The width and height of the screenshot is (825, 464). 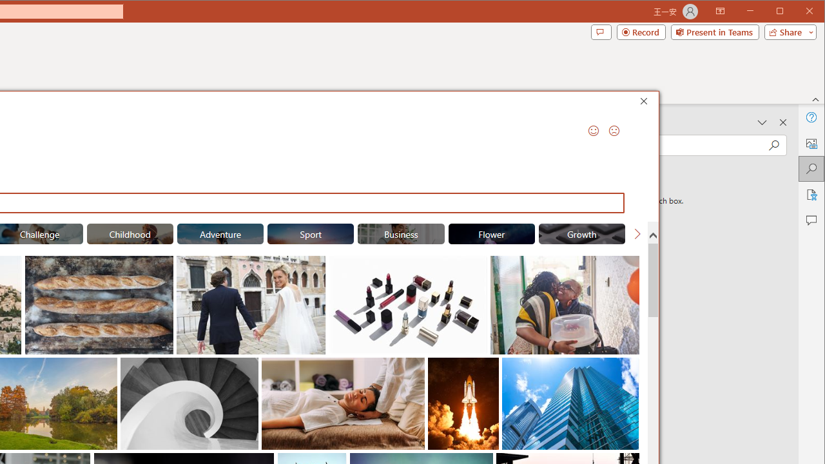 I want to click on '"Sport" Stock Images.', so click(x=310, y=233).